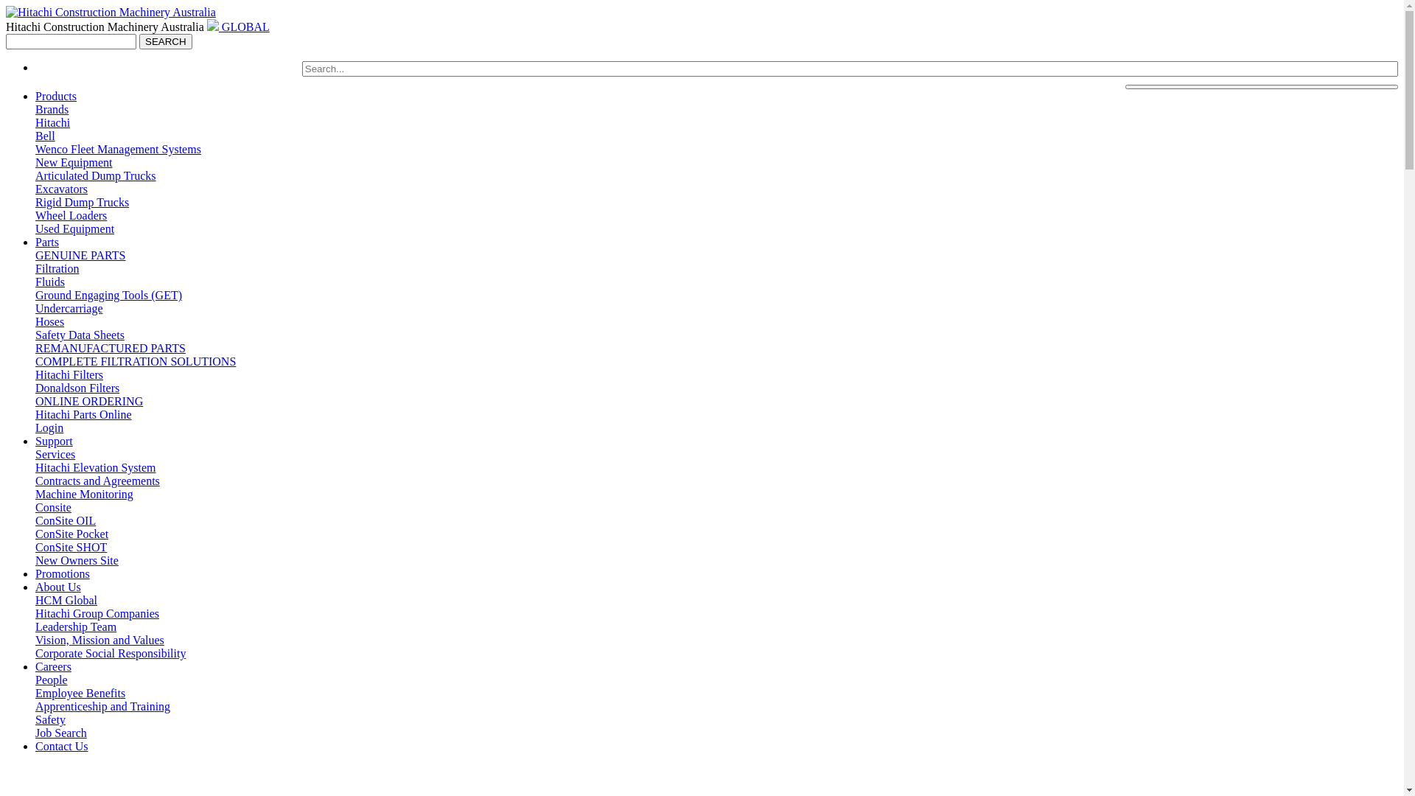 Image resolution: width=1415 pixels, height=796 pixels. What do you see at coordinates (56, 96) in the screenshot?
I see `'Products'` at bounding box center [56, 96].